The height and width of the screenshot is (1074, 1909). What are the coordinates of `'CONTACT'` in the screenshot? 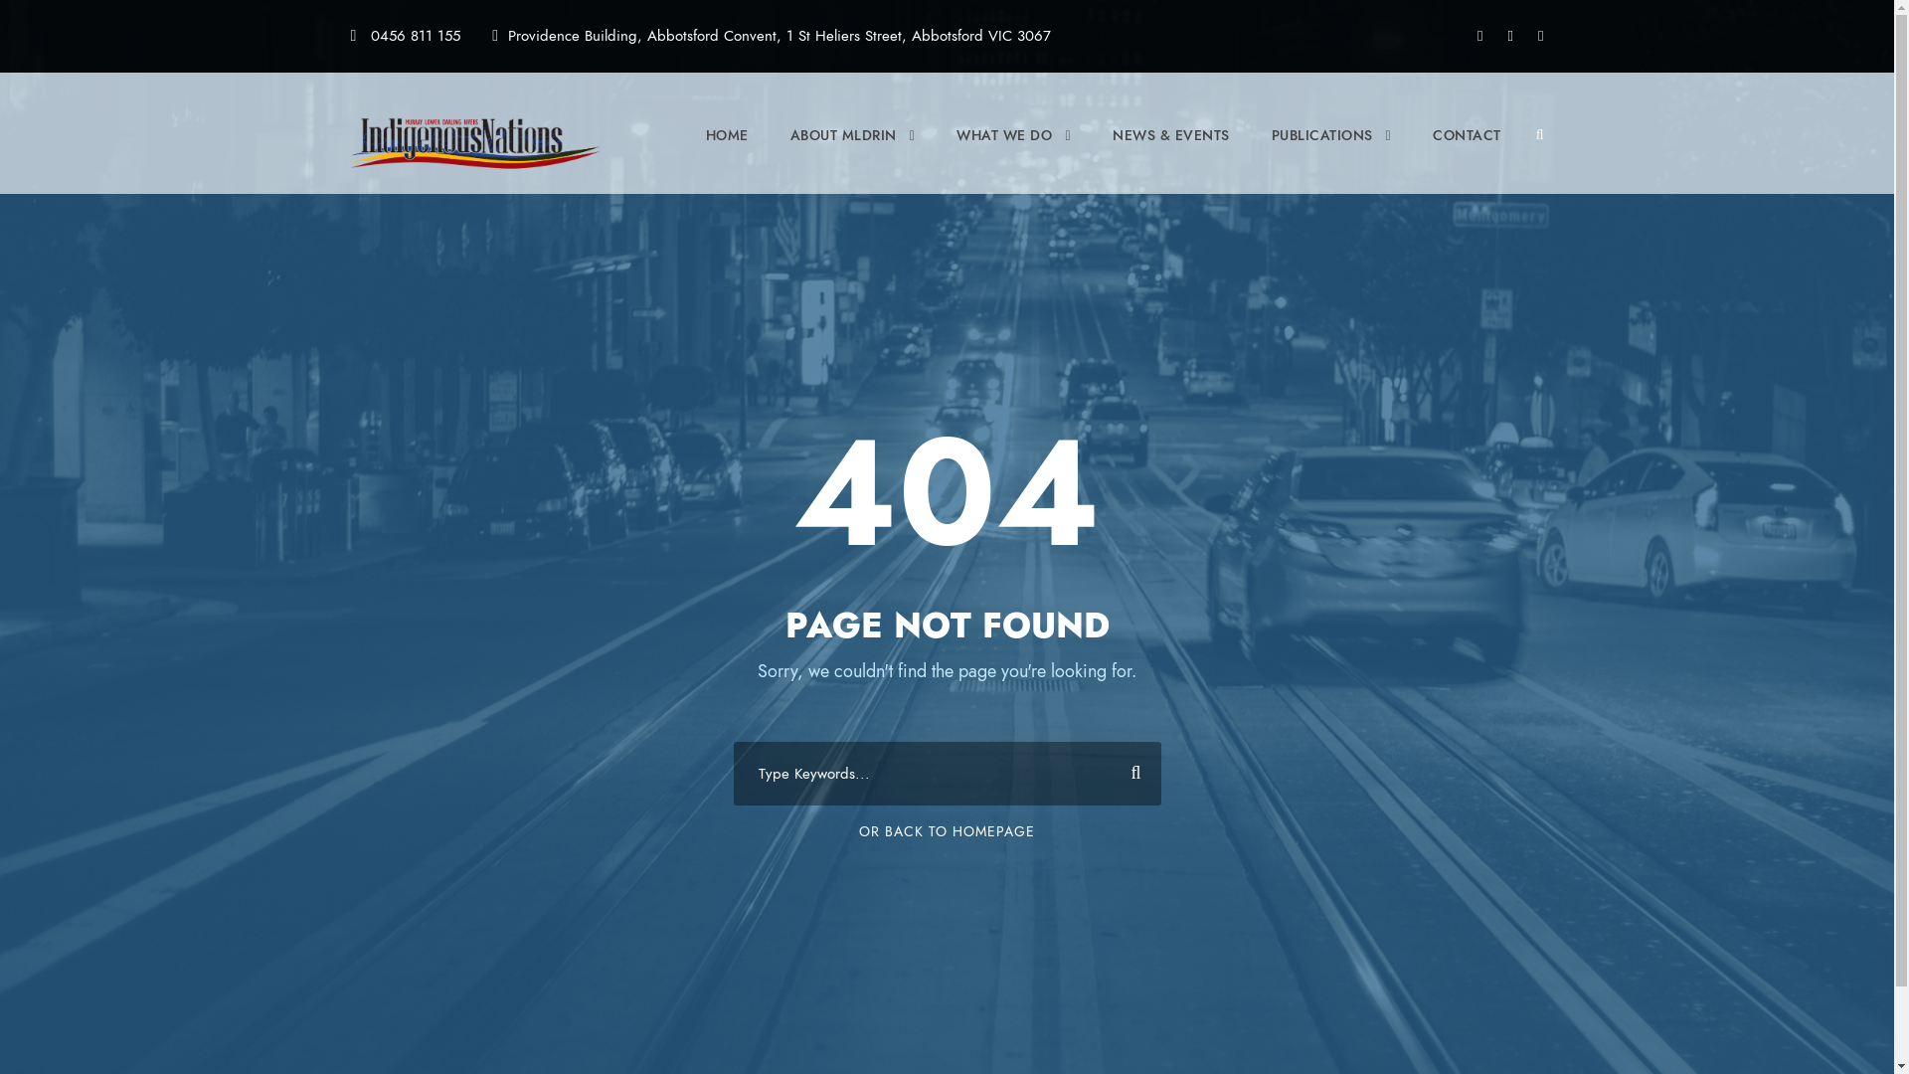 It's located at (1467, 152).